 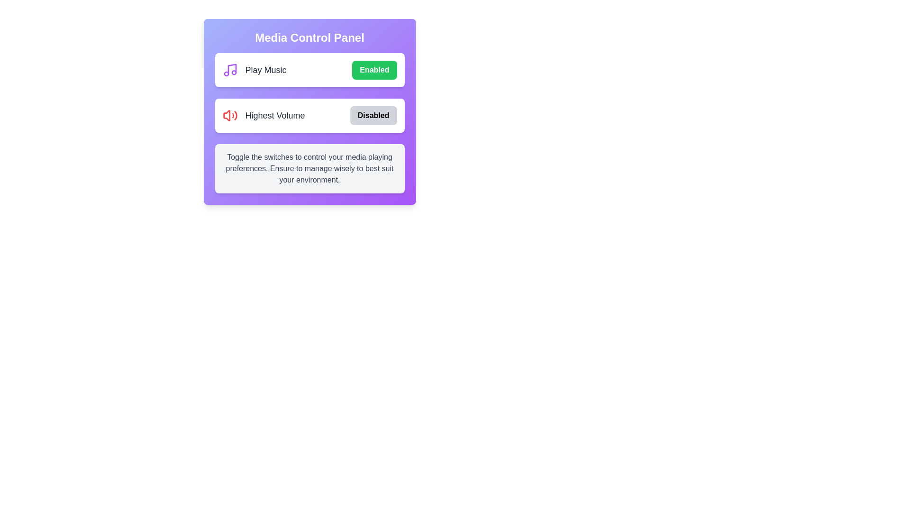 I want to click on 'Enabled' button to toggle the play music setting, so click(x=374, y=69).